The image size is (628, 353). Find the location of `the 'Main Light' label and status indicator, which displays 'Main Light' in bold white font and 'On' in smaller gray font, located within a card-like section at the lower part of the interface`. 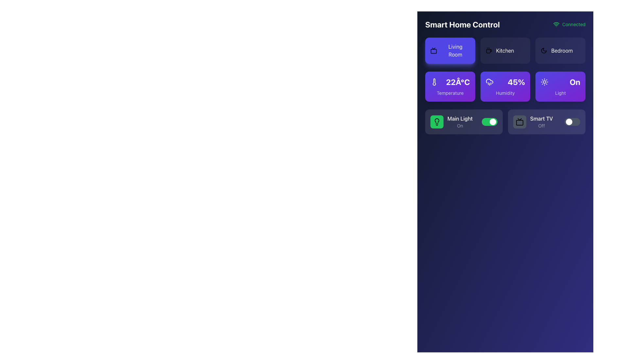

the 'Main Light' label and status indicator, which displays 'Main Light' in bold white font and 'On' in smaller gray font, located within a card-like section at the lower part of the interface is located at coordinates (460, 122).